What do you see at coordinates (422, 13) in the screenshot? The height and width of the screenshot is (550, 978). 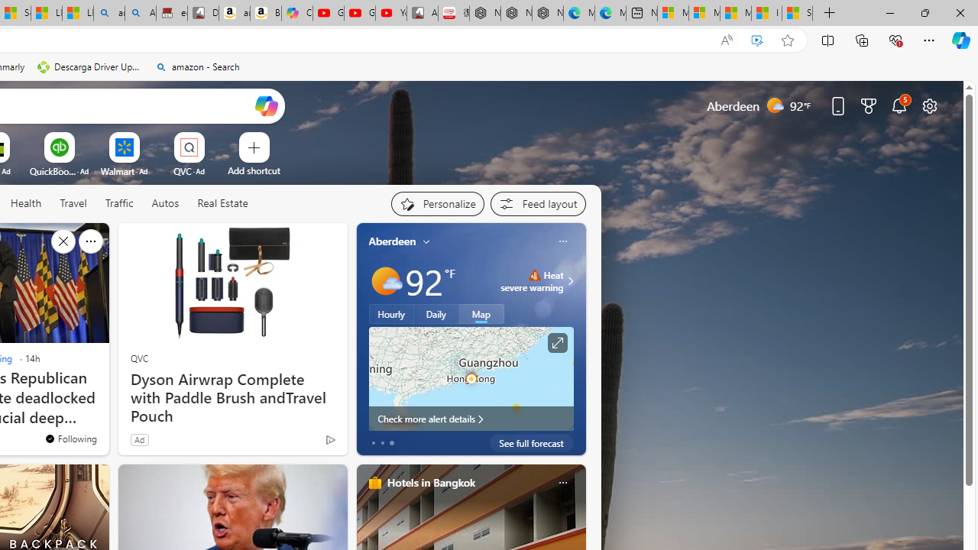 I see `'All Cubot phones'` at bounding box center [422, 13].